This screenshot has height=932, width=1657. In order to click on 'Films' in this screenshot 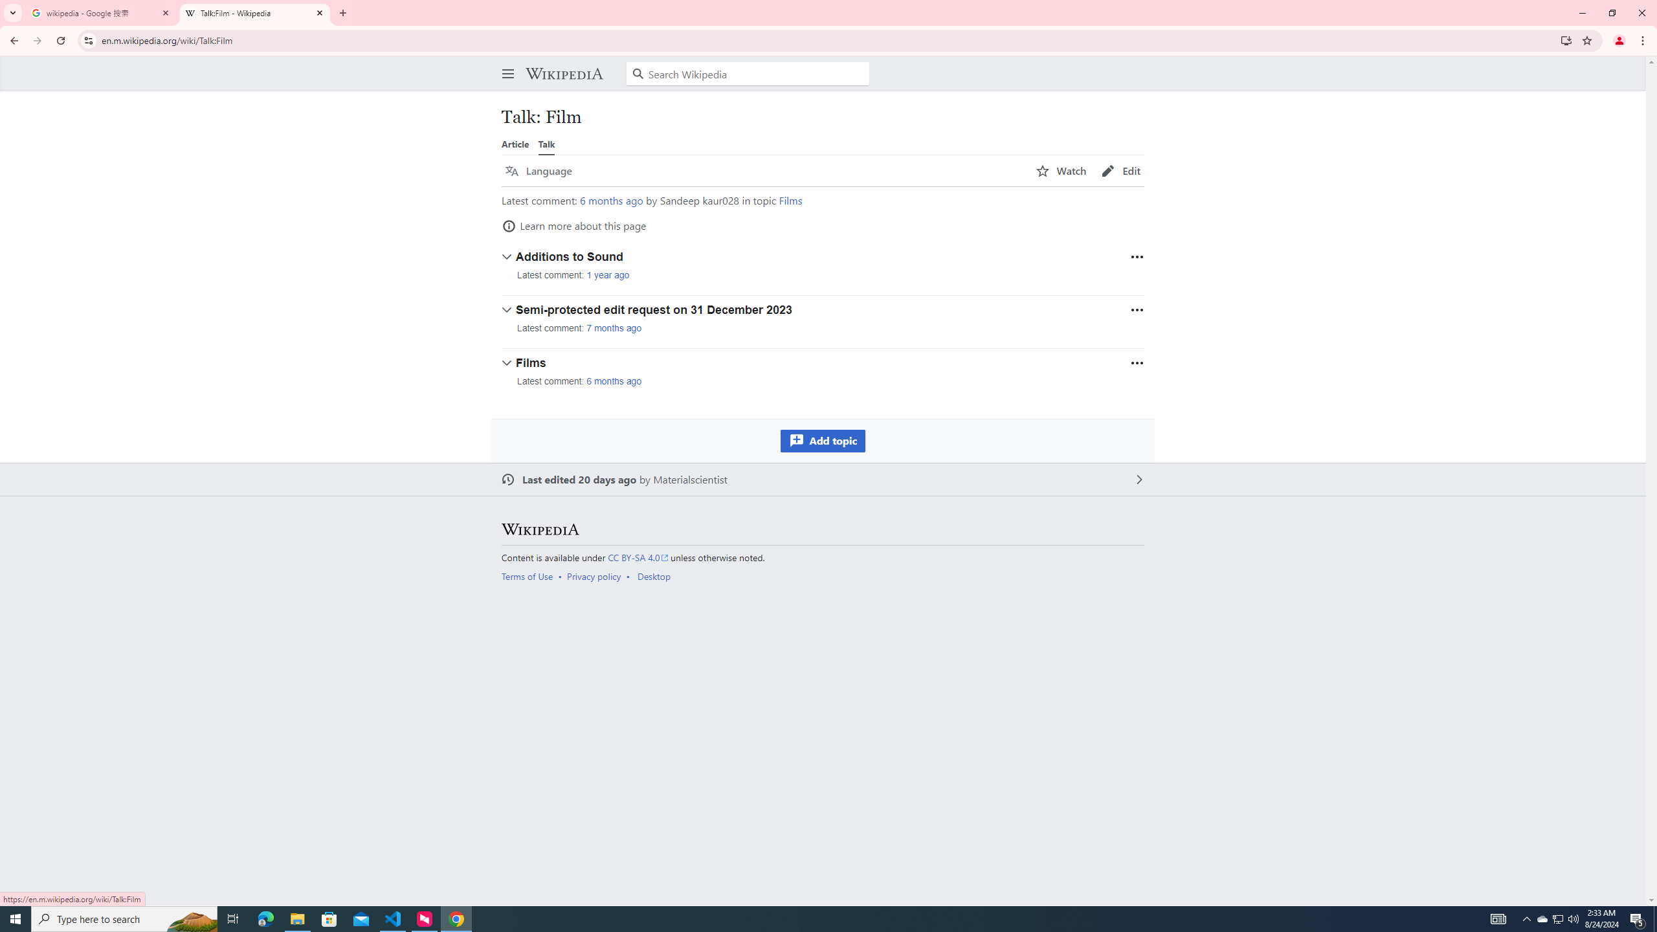, I will do `click(790, 201)`.